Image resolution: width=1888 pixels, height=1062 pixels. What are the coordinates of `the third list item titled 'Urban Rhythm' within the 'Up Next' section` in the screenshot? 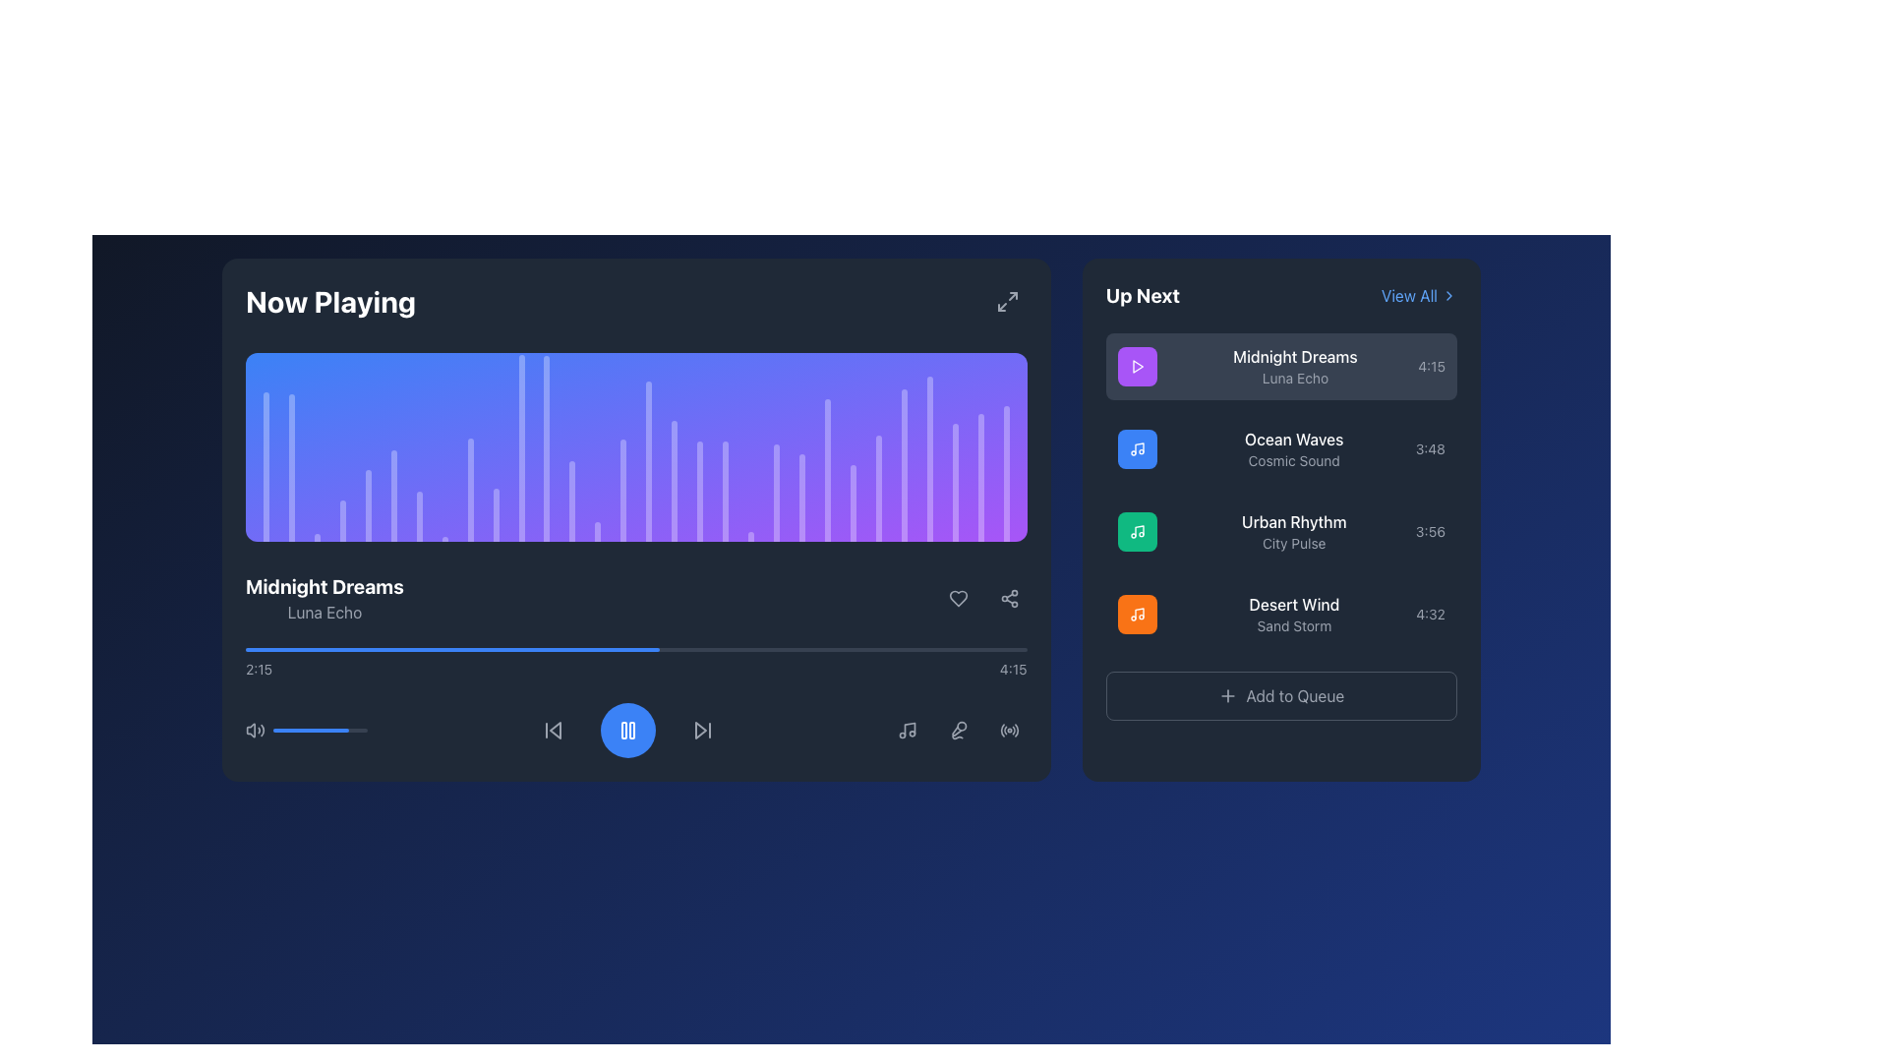 It's located at (1281, 531).